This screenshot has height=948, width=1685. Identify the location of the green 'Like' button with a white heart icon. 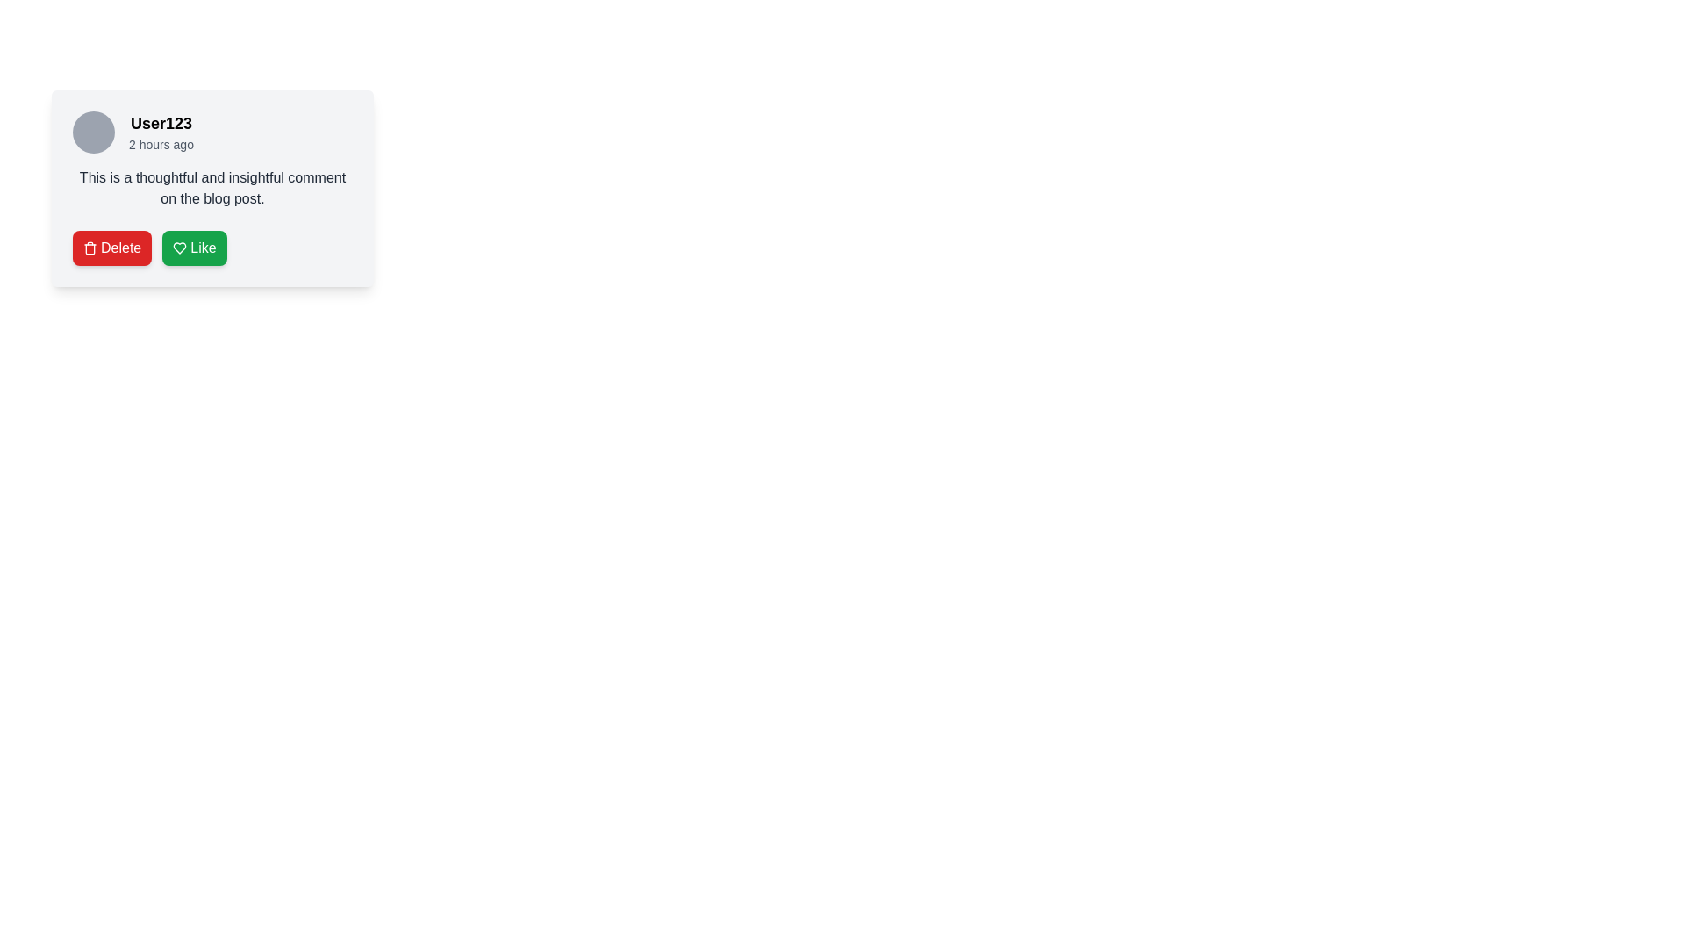
(212, 248).